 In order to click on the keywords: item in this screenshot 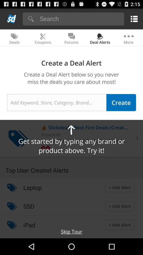, I will do `click(51, 134)`.